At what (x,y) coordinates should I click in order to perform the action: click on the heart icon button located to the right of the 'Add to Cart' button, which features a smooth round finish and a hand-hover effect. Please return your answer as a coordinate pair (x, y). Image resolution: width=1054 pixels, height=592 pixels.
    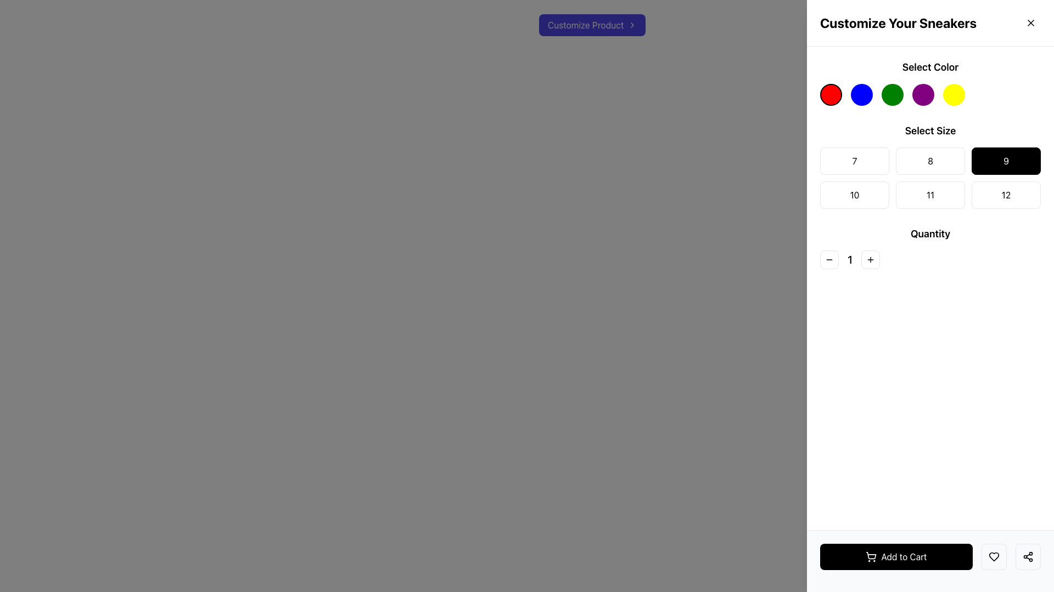
    Looking at the image, I should click on (994, 556).